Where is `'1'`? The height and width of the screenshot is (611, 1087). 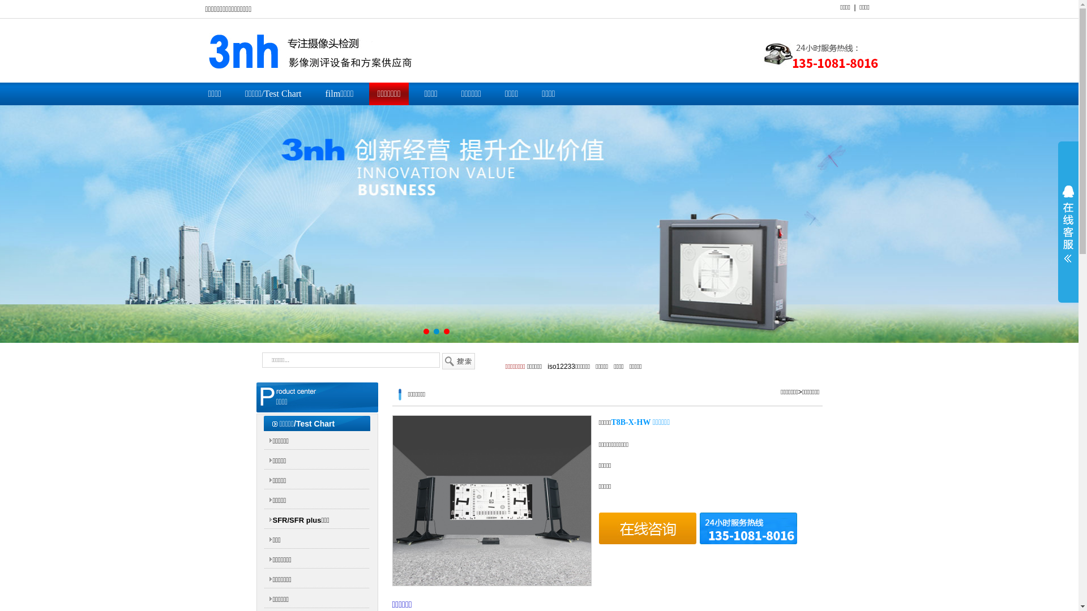 '1' is located at coordinates (426, 331).